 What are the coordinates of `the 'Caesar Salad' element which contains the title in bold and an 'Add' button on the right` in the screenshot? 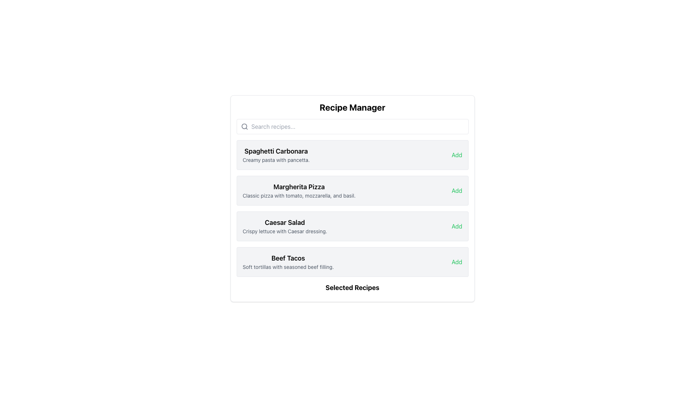 It's located at (352, 226).